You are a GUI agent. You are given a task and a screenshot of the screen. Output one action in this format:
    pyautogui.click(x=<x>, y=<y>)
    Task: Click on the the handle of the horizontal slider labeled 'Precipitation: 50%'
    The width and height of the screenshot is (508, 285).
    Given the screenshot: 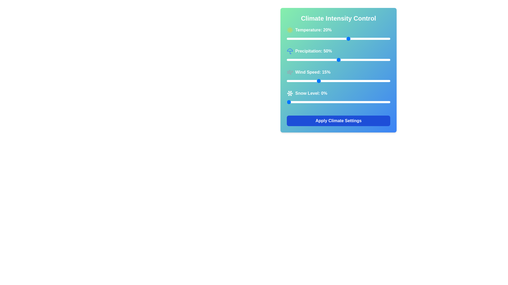 What is the action you would take?
    pyautogui.click(x=338, y=60)
    